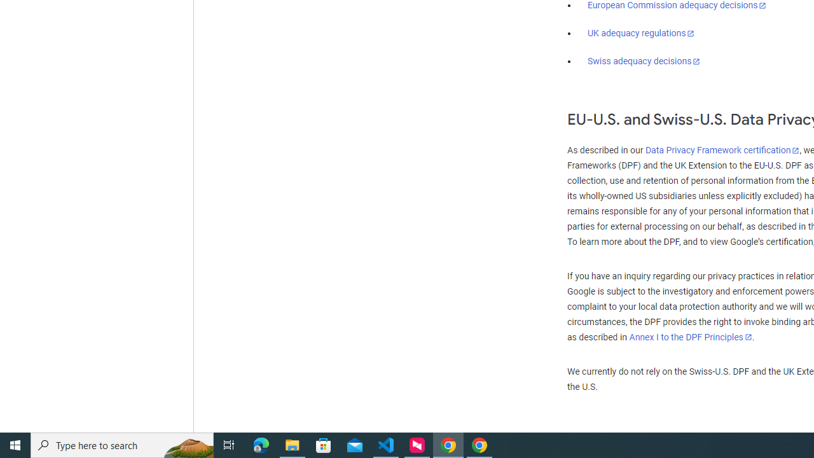  Describe the element at coordinates (690, 337) in the screenshot. I see `'Annex I to the DPF Principles'` at that location.